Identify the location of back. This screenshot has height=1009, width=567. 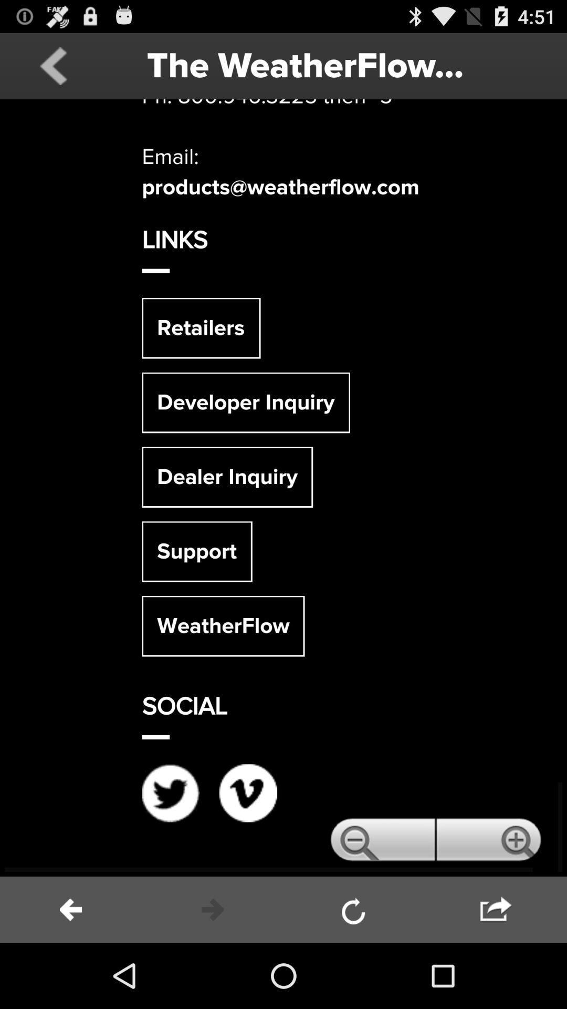
(53, 65).